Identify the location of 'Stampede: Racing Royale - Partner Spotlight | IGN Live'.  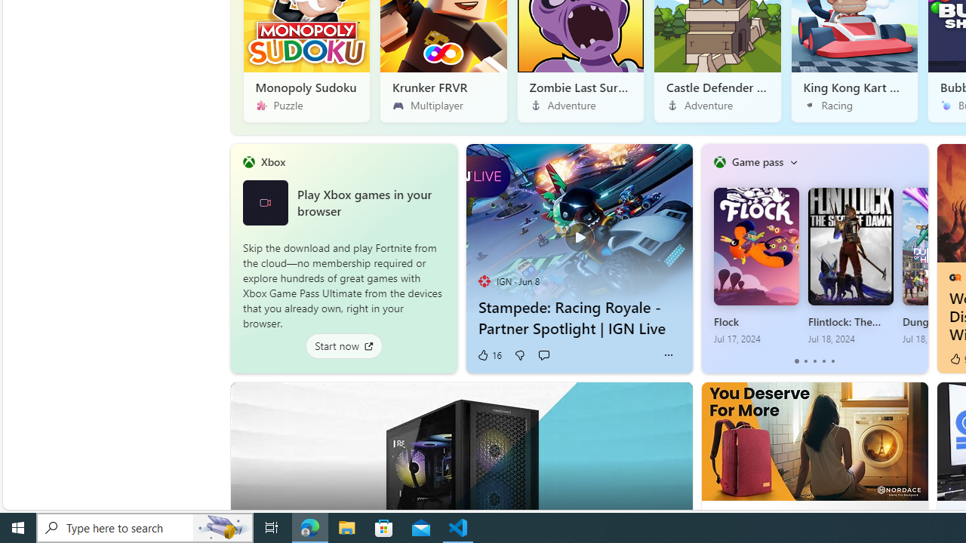
(578, 229).